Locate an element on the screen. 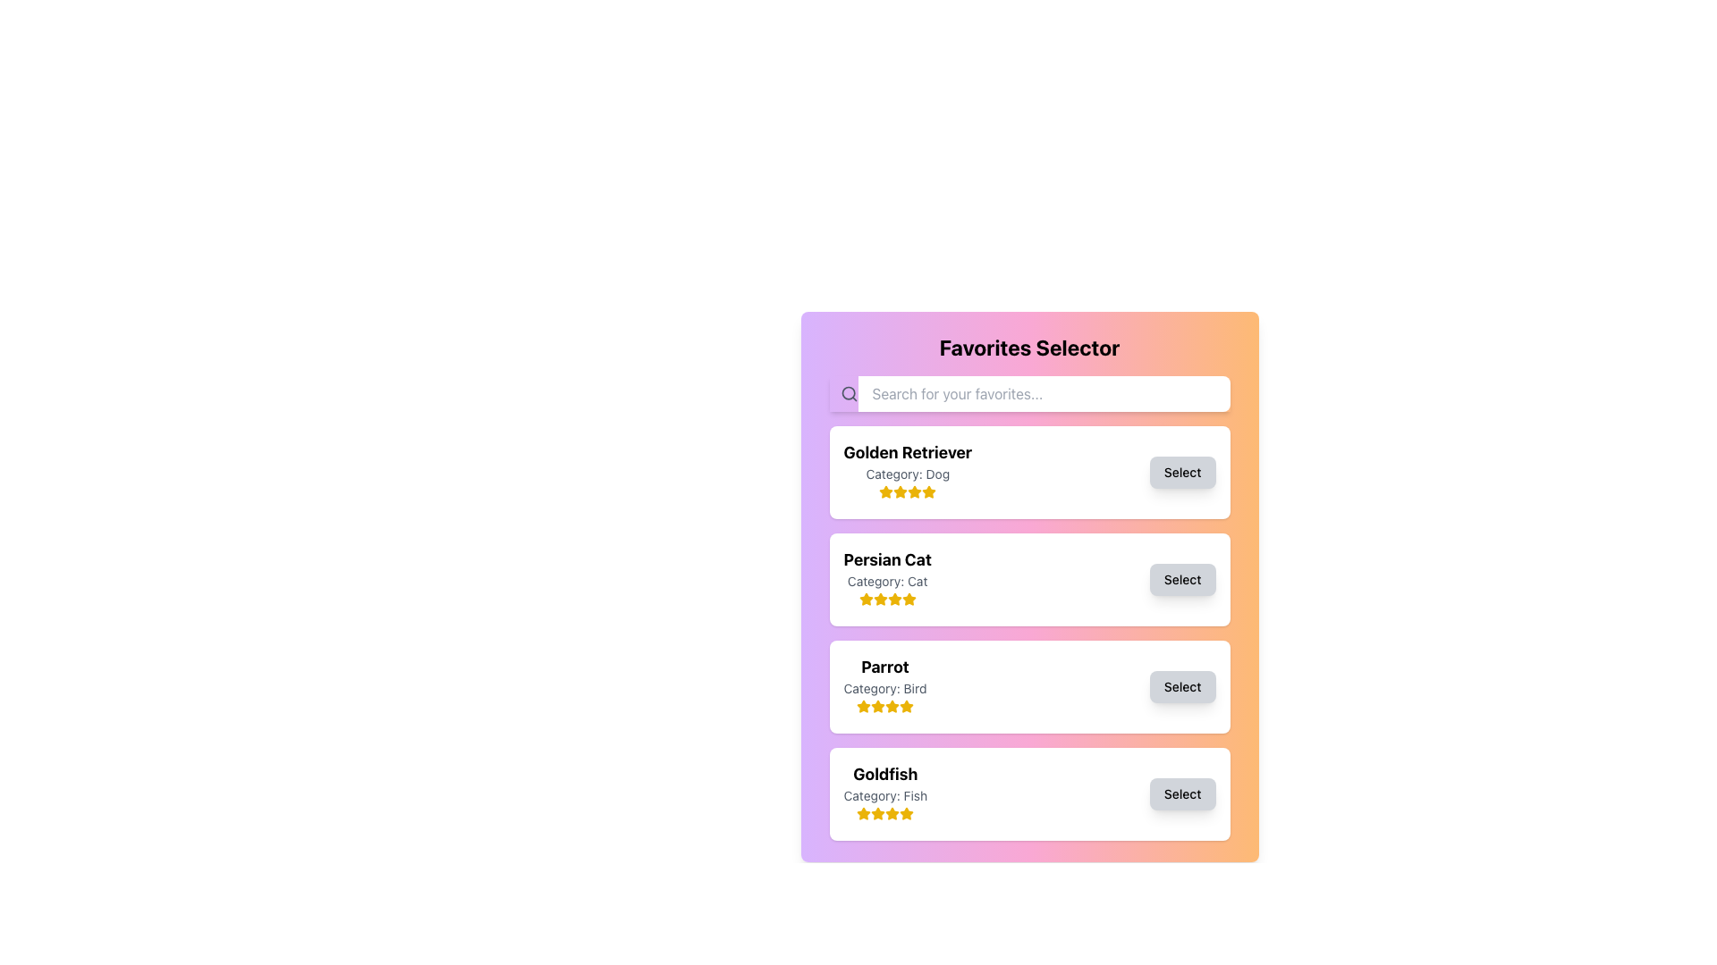 This screenshot has height=965, width=1717. the fifth yellow star-shaped rating icon for the 'Golden Retriever' item located in the first row of the items list is located at coordinates (929, 492).